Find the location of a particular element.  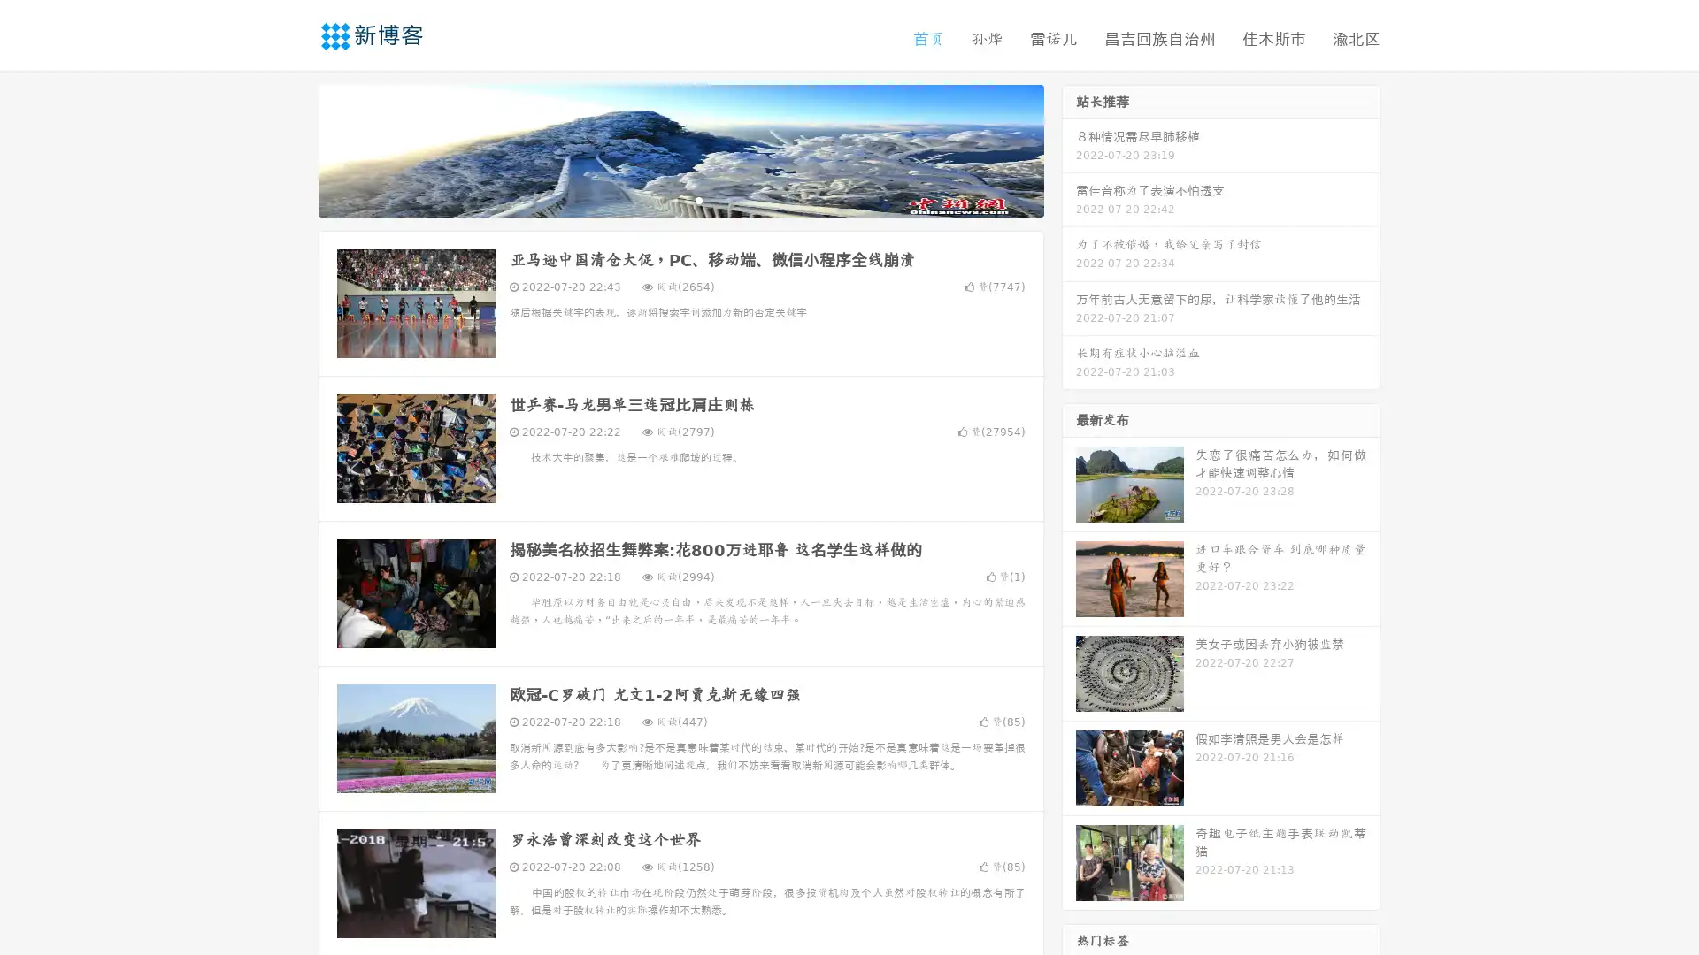

Go to slide 1 is located at coordinates (662, 199).